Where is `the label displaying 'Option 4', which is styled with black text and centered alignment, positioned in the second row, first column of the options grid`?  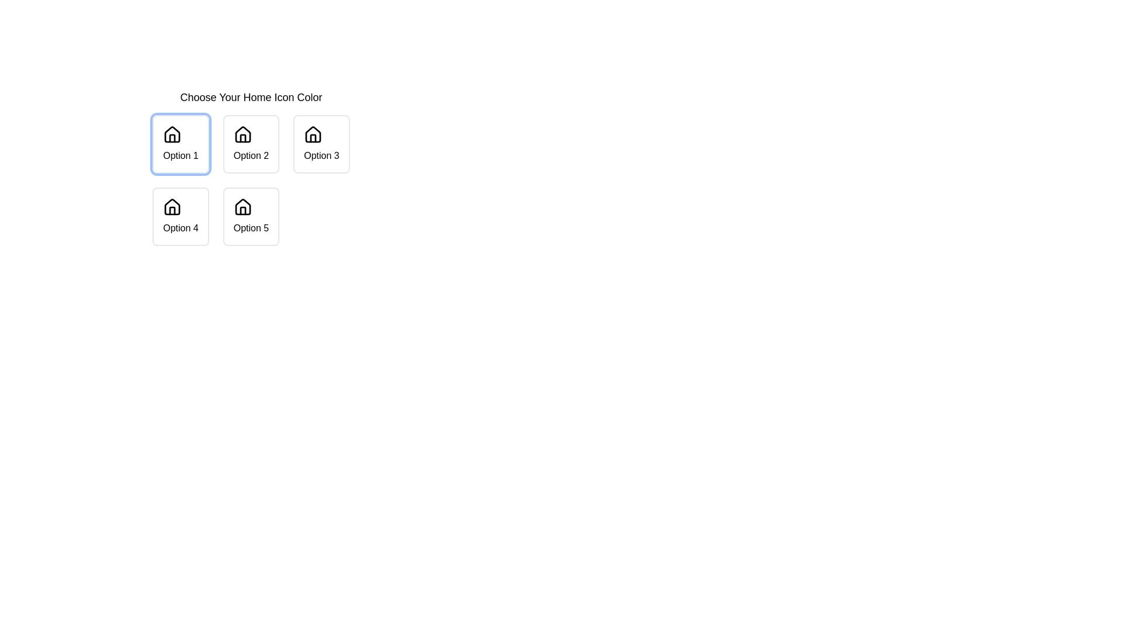
the label displaying 'Option 4', which is styled with black text and centered alignment, positioned in the second row, first column of the options grid is located at coordinates (180, 228).